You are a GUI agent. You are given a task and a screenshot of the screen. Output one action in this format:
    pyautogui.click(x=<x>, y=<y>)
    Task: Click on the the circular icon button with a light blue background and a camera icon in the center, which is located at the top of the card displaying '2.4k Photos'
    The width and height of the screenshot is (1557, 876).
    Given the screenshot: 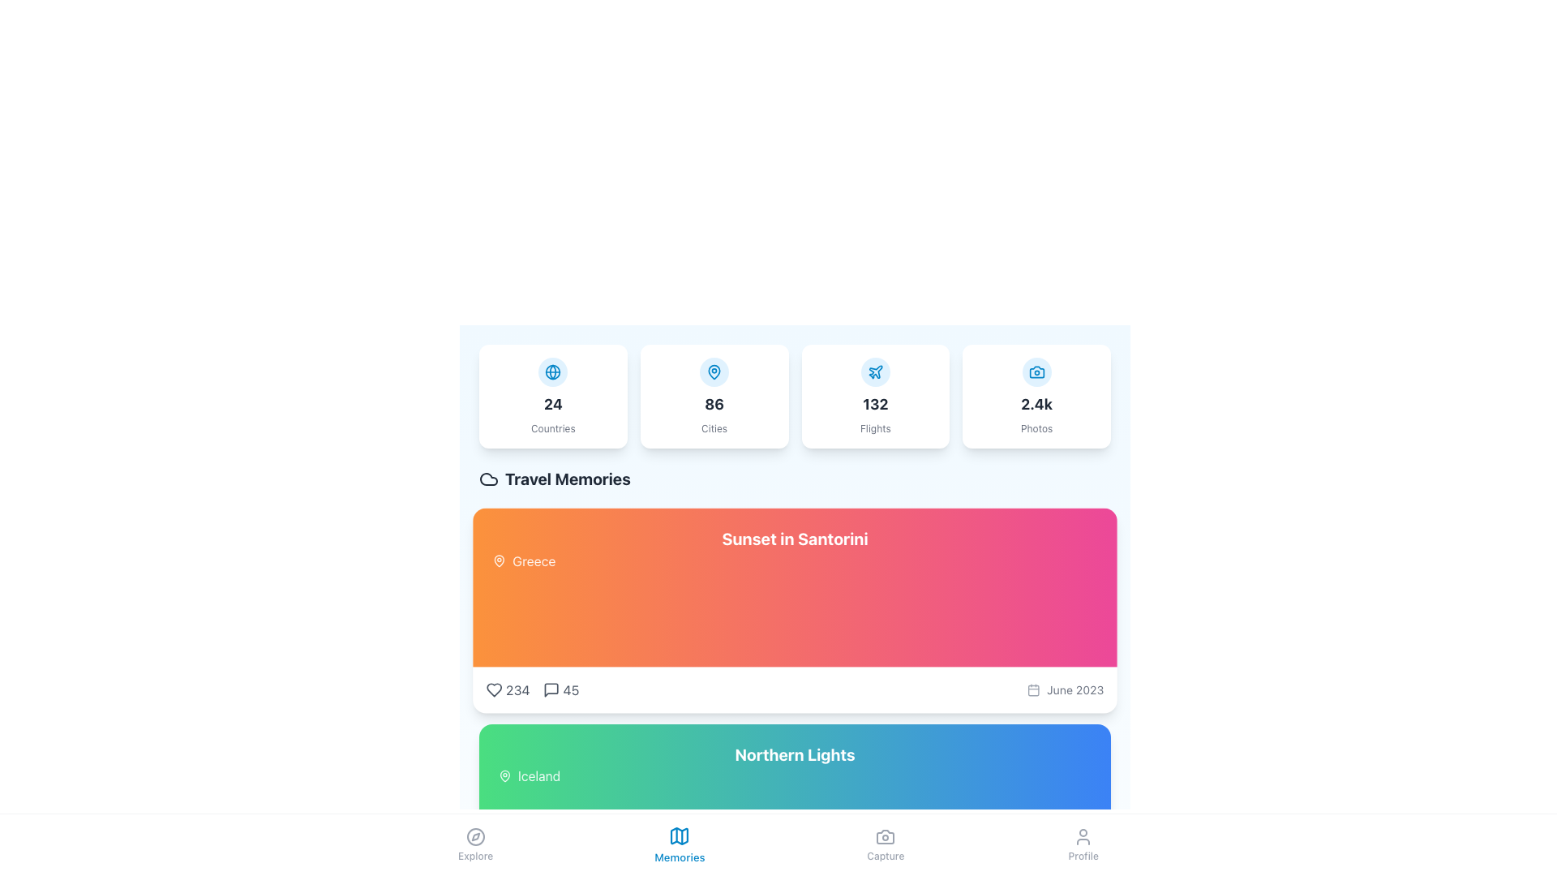 What is the action you would take?
    pyautogui.click(x=1036, y=372)
    